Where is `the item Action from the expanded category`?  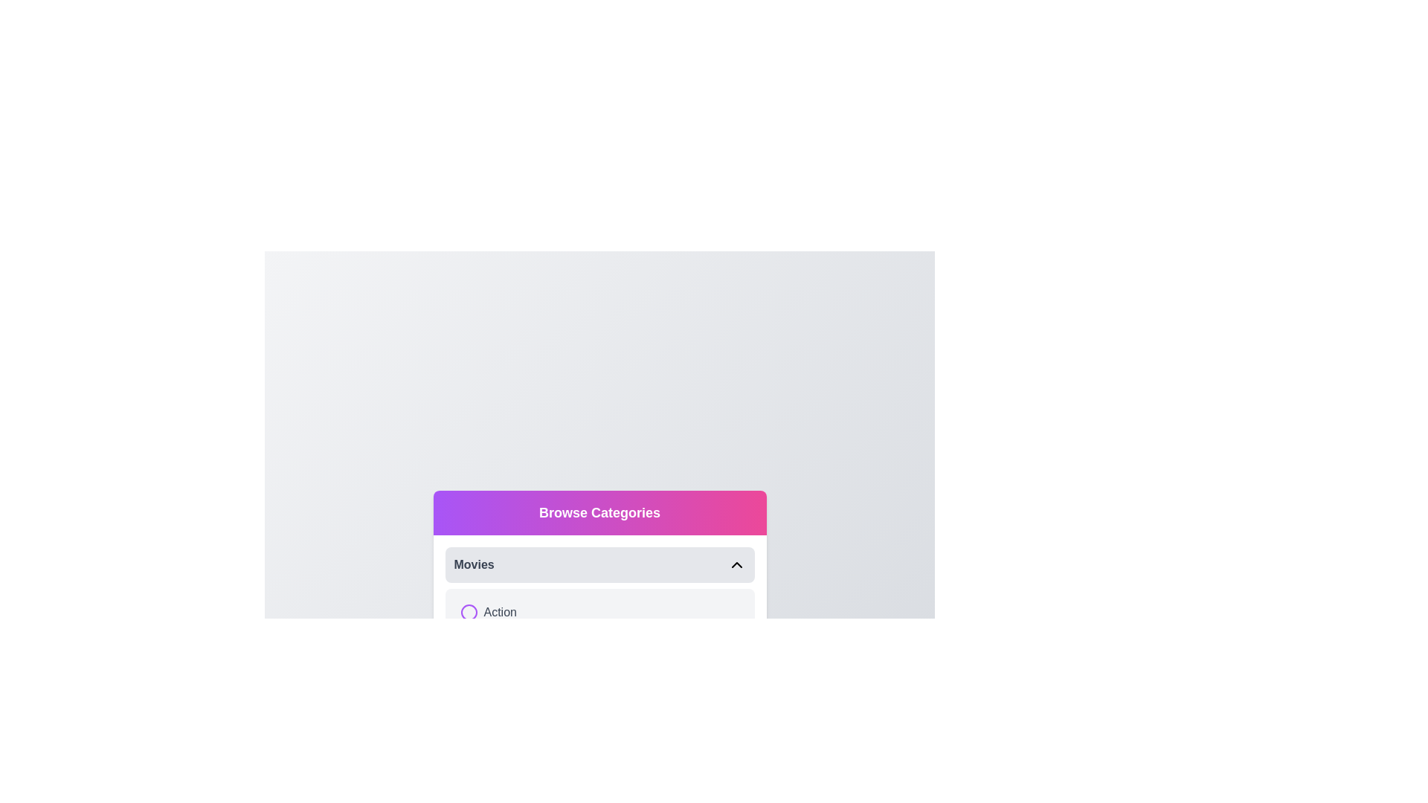
the item Action from the expanded category is located at coordinates (468, 613).